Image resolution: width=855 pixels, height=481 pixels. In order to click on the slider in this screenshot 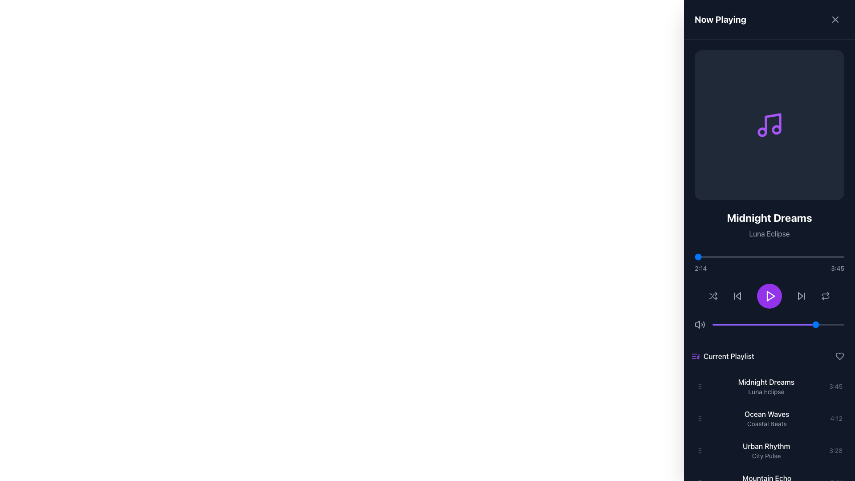, I will do `click(740, 325)`.